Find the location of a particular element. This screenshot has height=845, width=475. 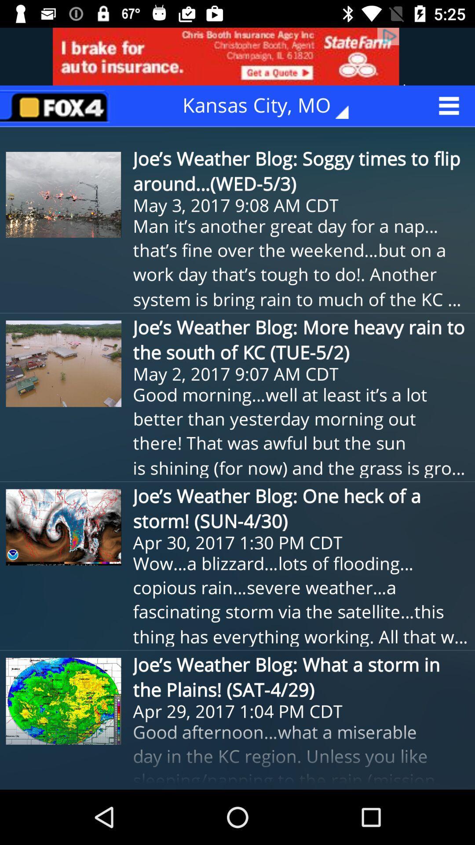

search is located at coordinates (58, 106).